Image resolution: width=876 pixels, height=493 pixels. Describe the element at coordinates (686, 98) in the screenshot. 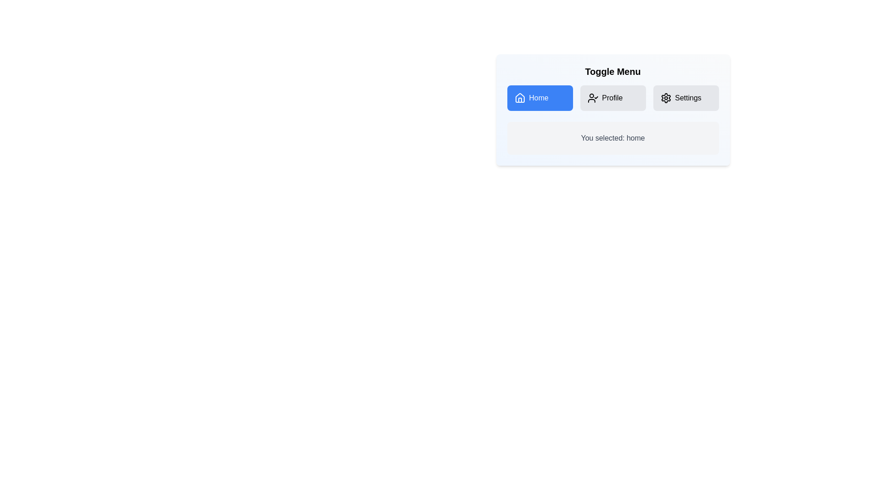

I see `the Settings button to select the corresponding menu option` at that location.